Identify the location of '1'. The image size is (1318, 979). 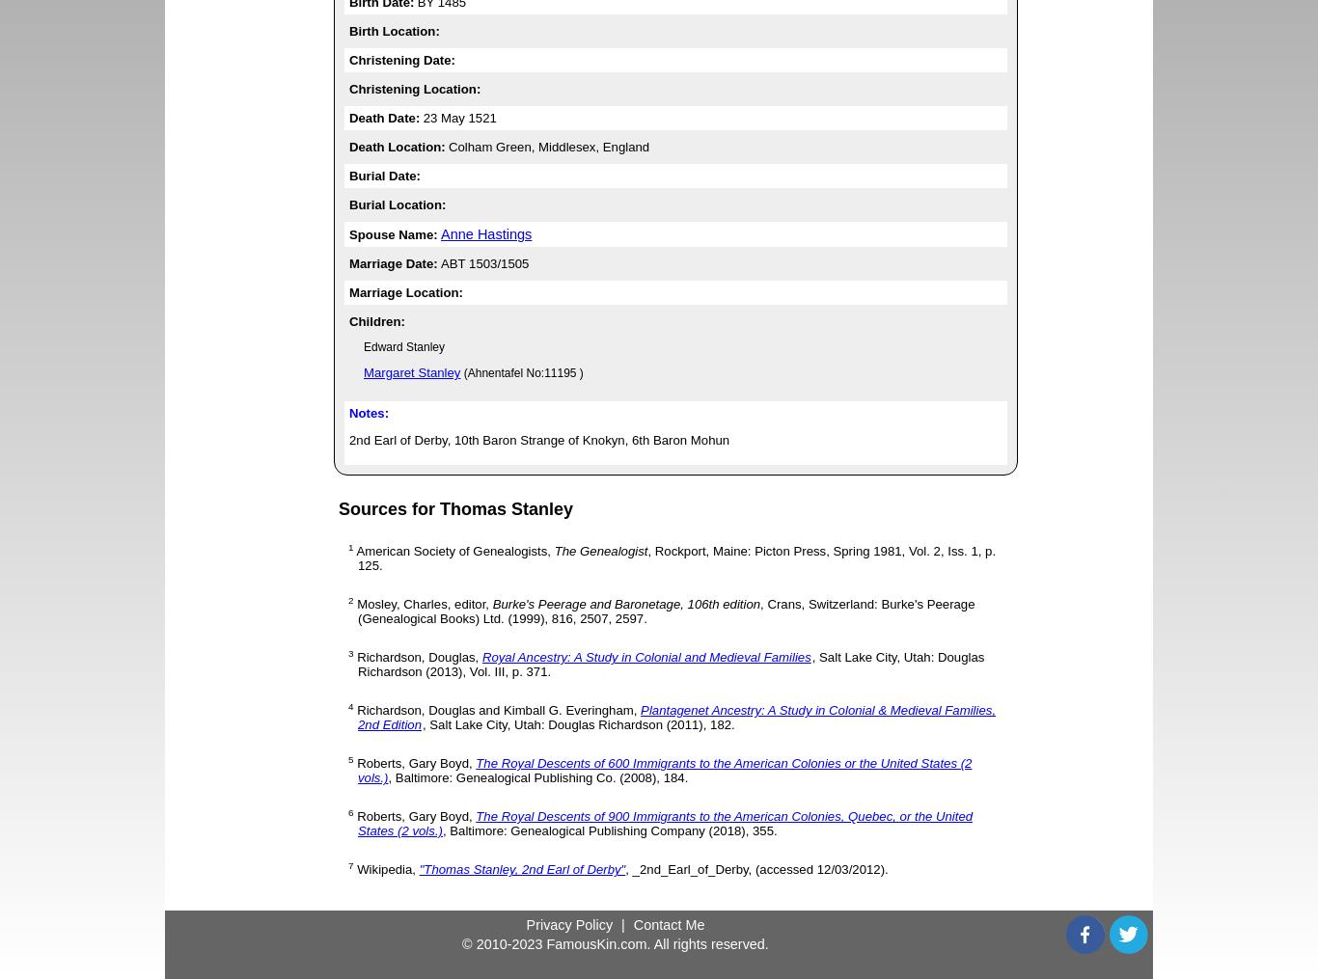
(347, 547).